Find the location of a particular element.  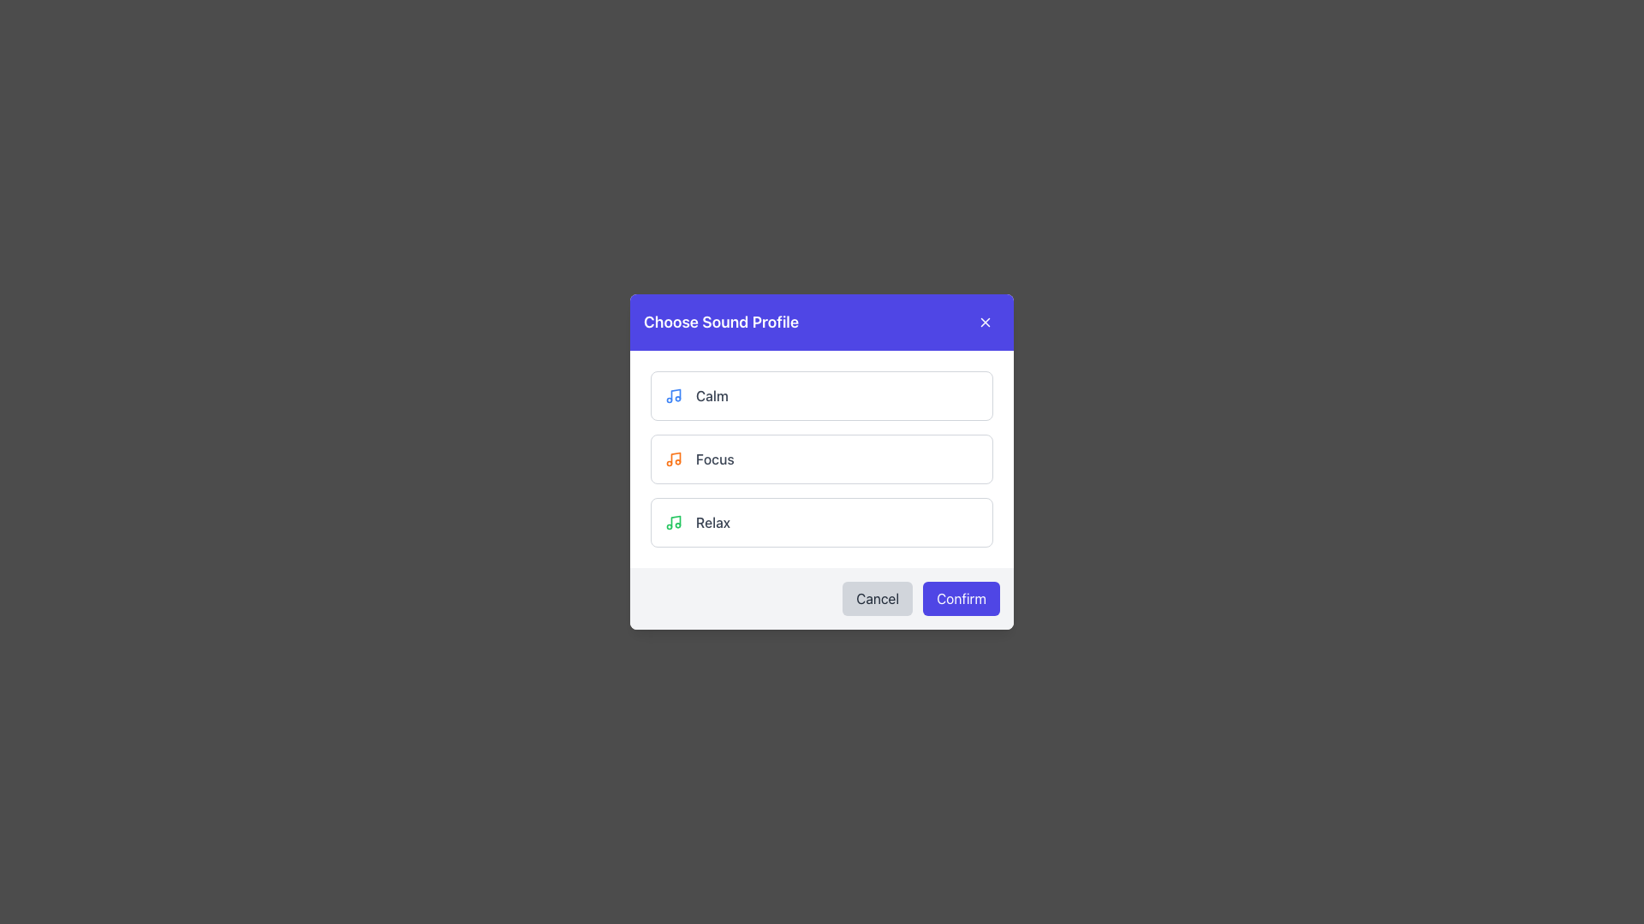

the 'Confirm' button, which is prominently labeled in white text on a solid indigo background, located in the lower right corner of the dialog box is located at coordinates (962, 597).